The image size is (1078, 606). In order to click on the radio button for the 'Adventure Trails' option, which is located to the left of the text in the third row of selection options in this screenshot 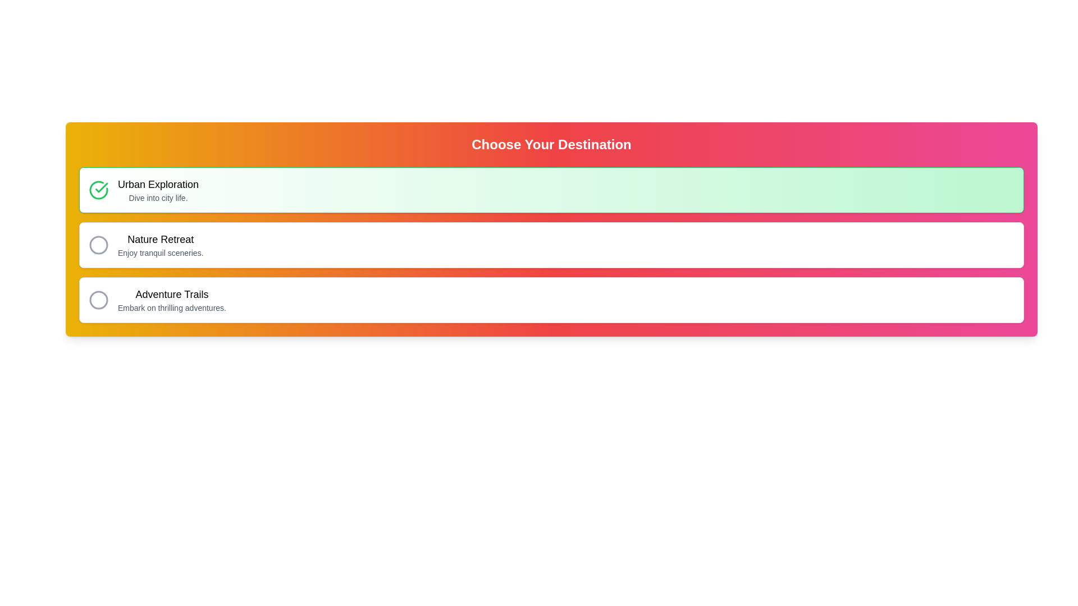, I will do `click(99, 300)`.